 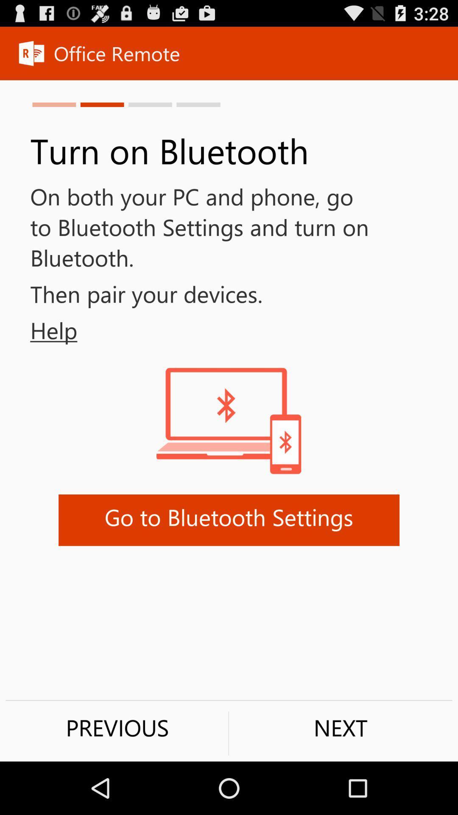 I want to click on app below the then pair your app, so click(x=39, y=330).